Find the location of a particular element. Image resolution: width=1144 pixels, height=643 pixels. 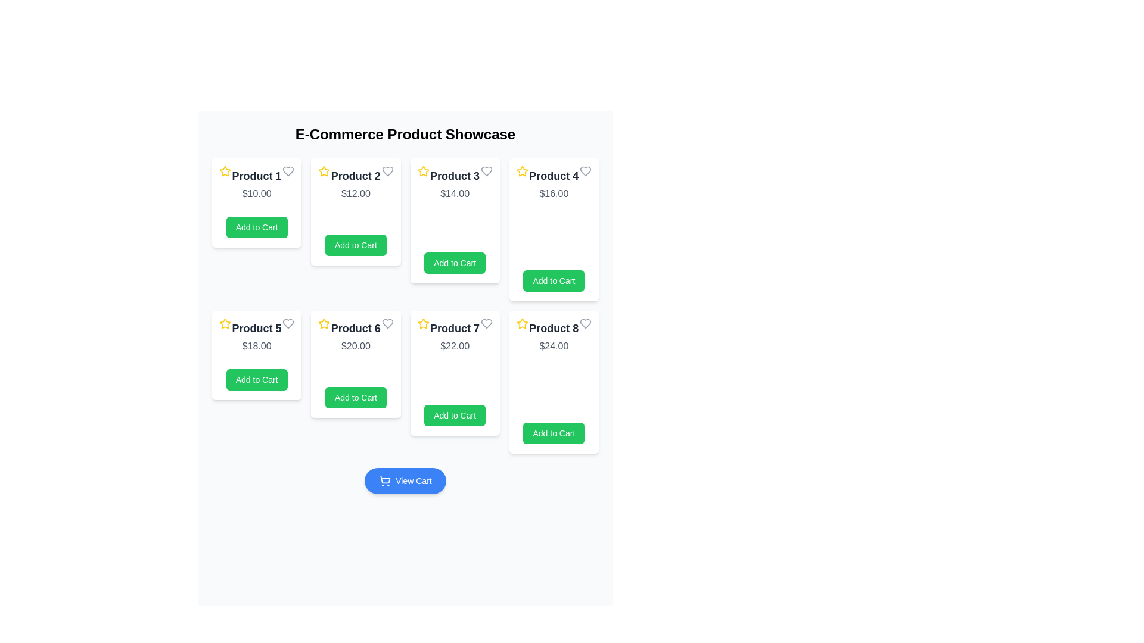

the price label displaying '$10.00' located in the 'Product 1' card, centered horizontally below the product name and above the 'Add to Cart' button is located at coordinates (256, 193).